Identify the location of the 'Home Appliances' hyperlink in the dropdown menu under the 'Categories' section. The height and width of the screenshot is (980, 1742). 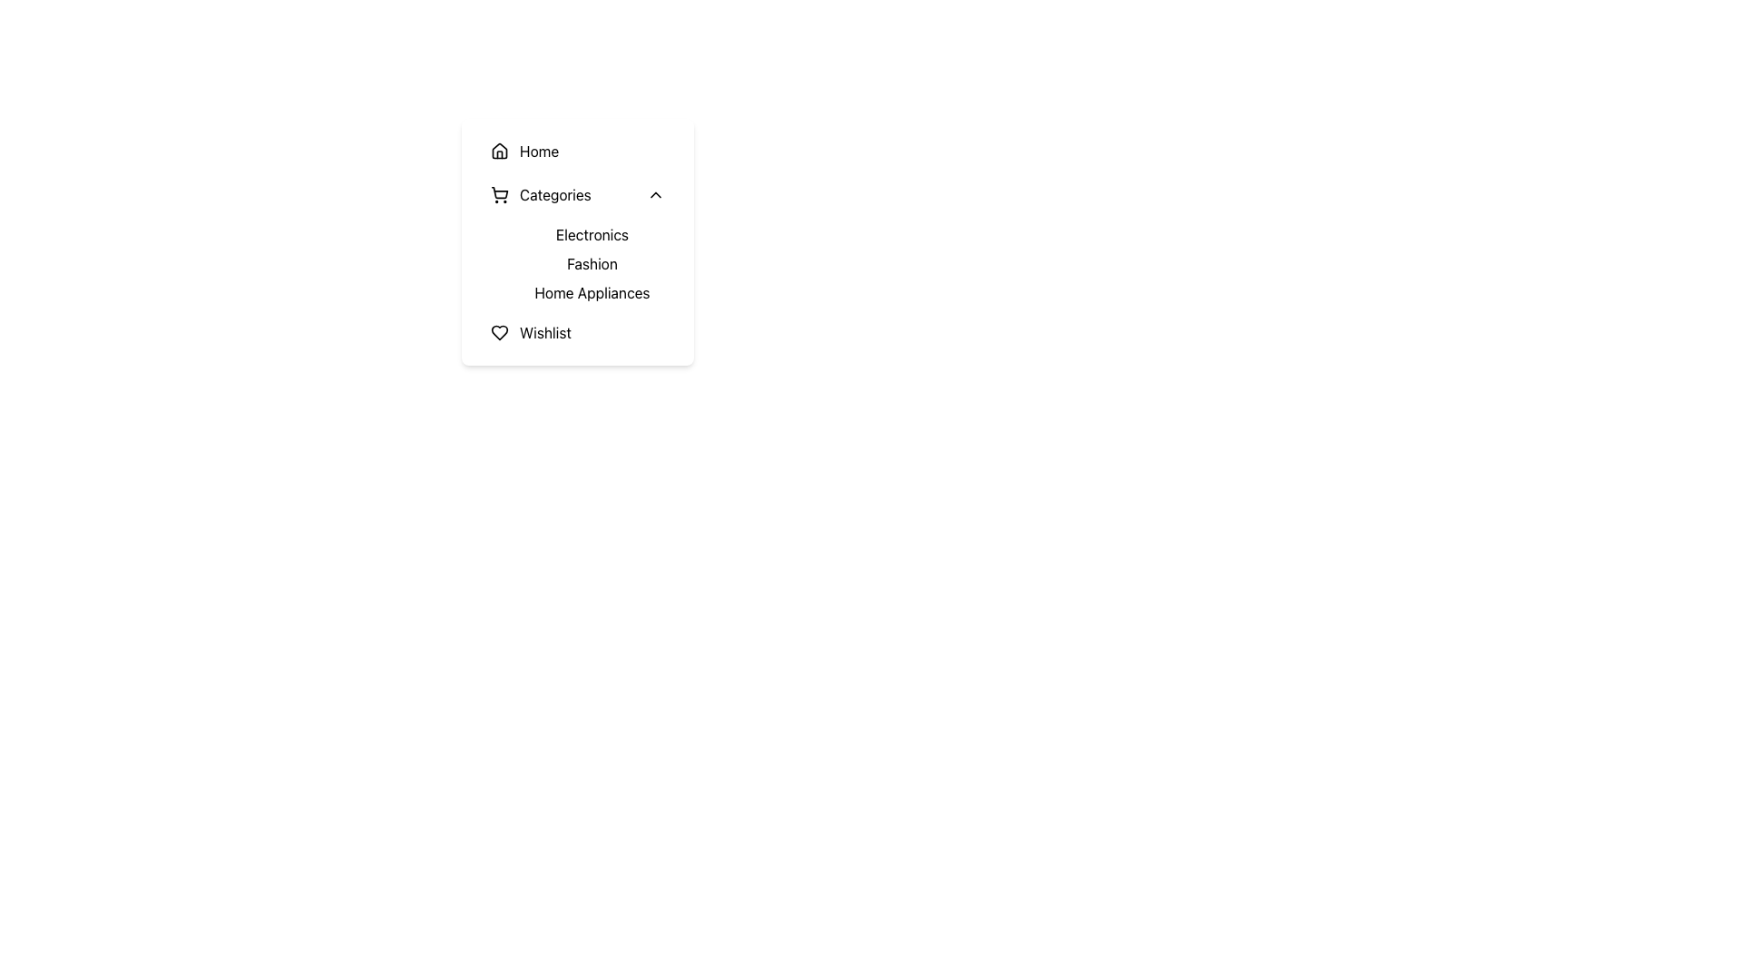
(592, 292).